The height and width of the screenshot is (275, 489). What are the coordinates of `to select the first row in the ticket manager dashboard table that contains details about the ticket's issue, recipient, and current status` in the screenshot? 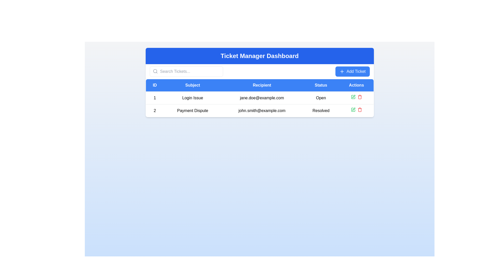 It's located at (260, 98).